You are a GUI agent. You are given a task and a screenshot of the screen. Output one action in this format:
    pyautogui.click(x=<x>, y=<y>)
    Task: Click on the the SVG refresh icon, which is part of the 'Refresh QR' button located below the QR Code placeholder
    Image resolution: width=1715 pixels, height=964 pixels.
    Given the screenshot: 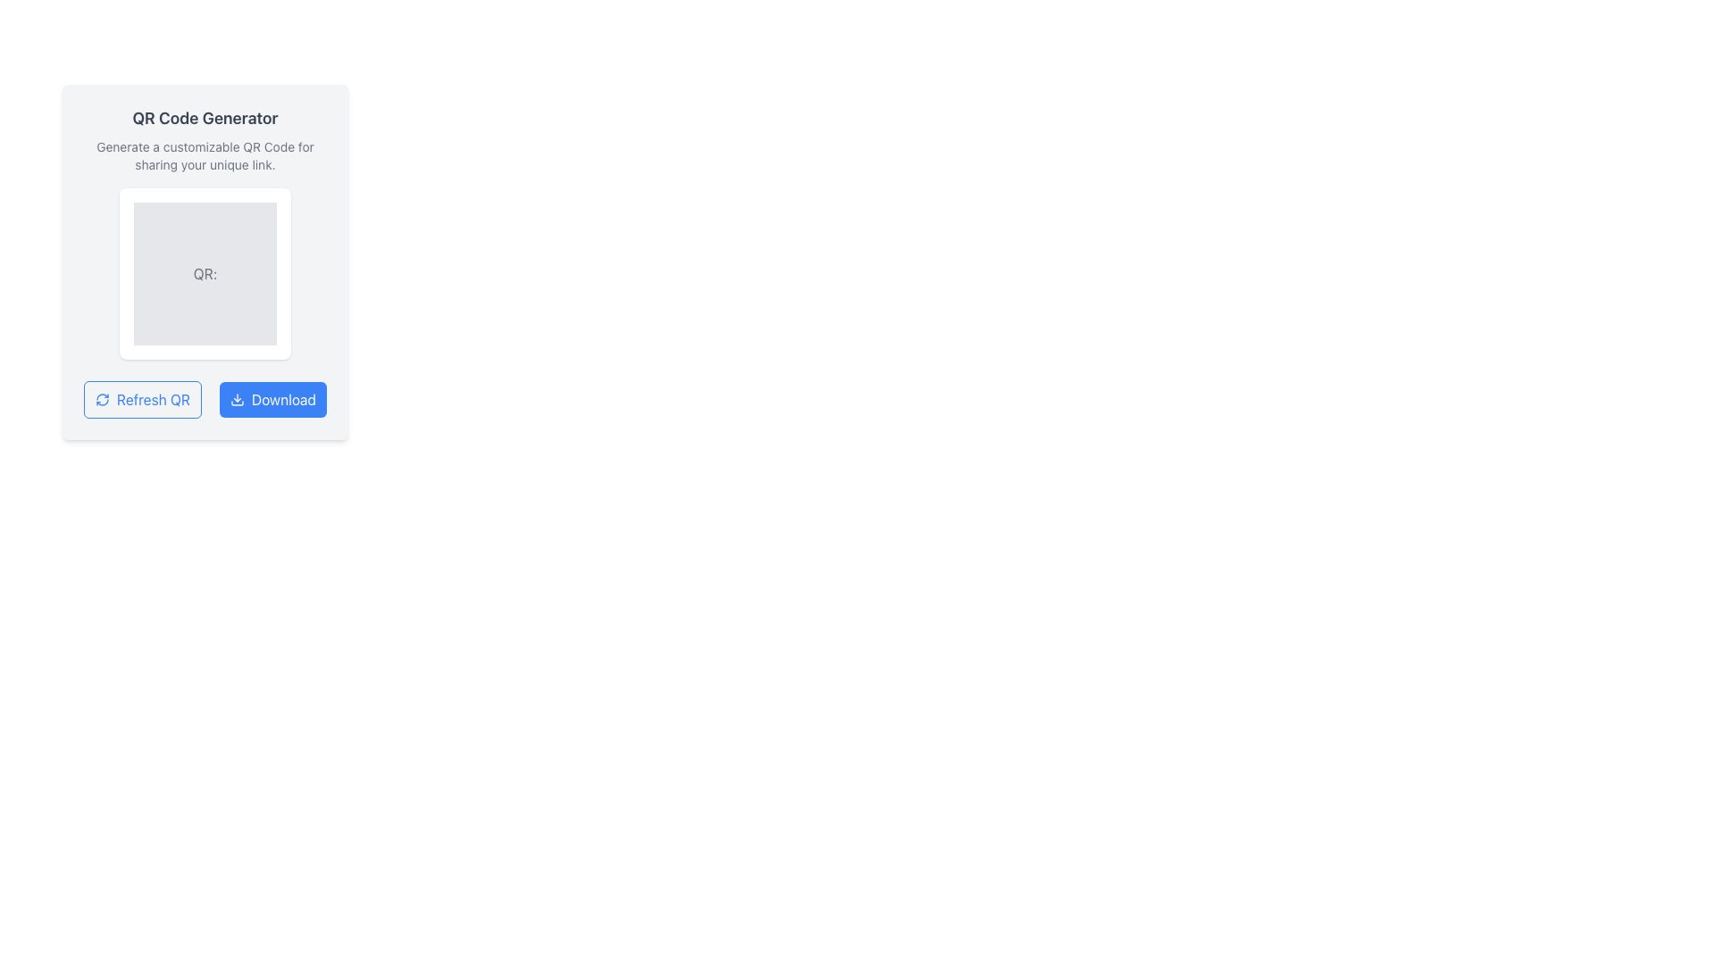 What is the action you would take?
    pyautogui.click(x=102, y=398)
    